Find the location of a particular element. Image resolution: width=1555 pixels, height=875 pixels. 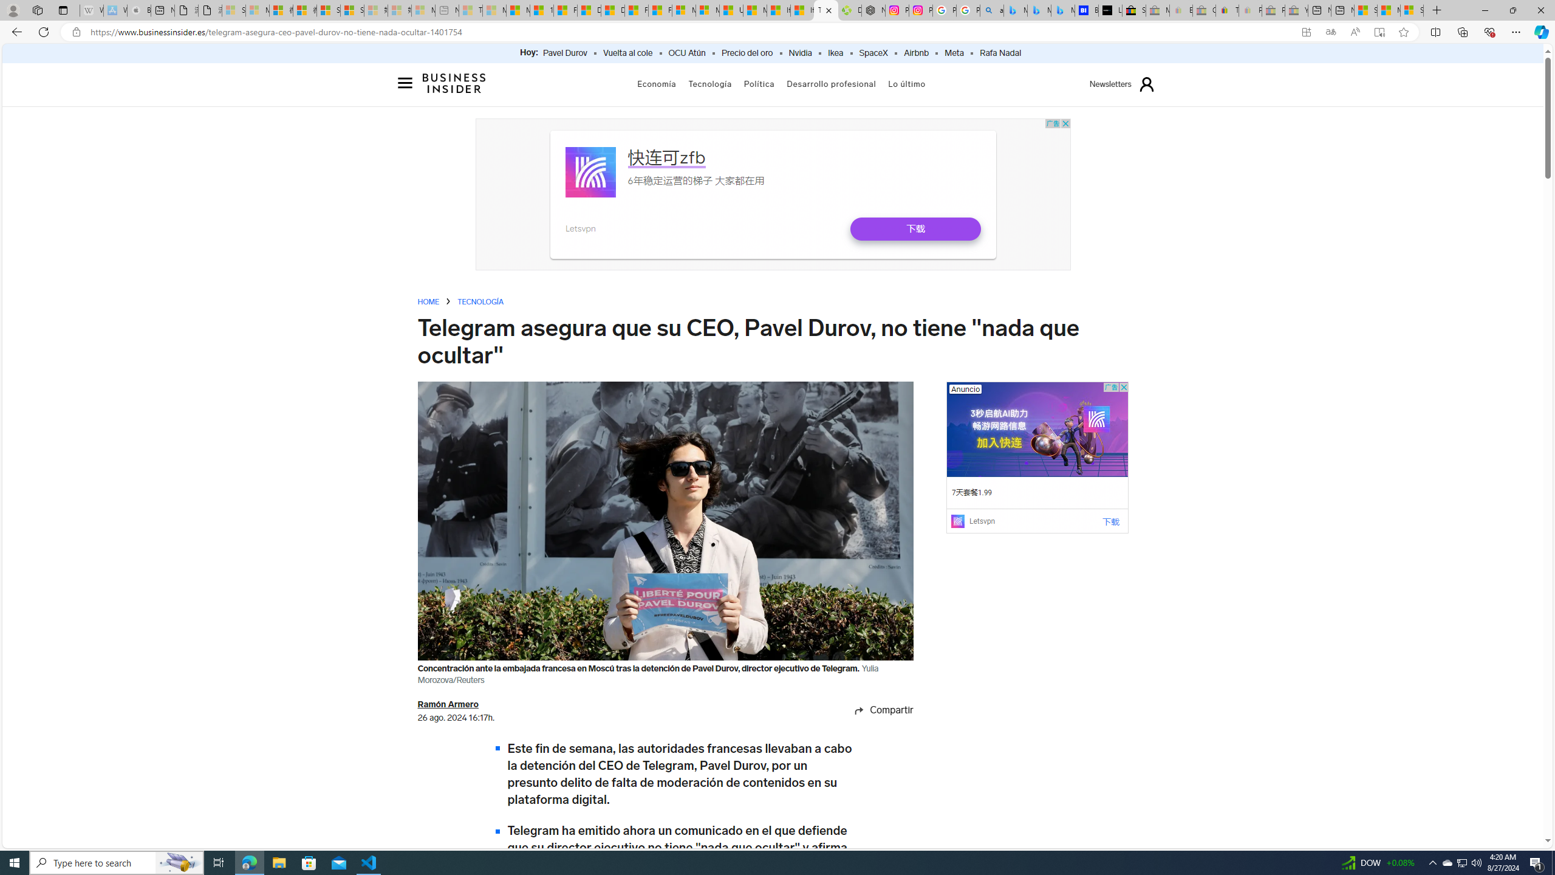

'Nvidia' is located at coordinates (799, 53).